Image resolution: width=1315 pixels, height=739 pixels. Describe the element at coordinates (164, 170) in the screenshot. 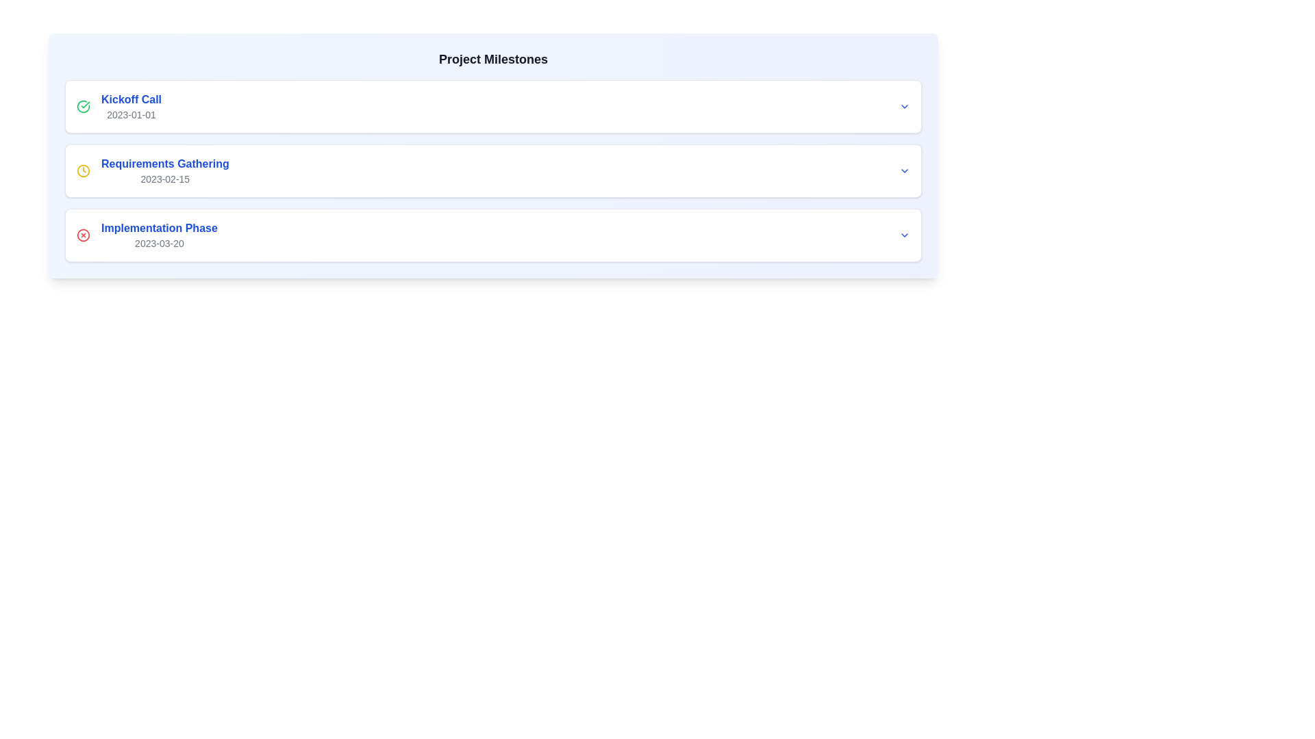

I see `the text display element representing the project milestone 'Requirements Gathering' located in the 'Project Milestones' section` at that location.